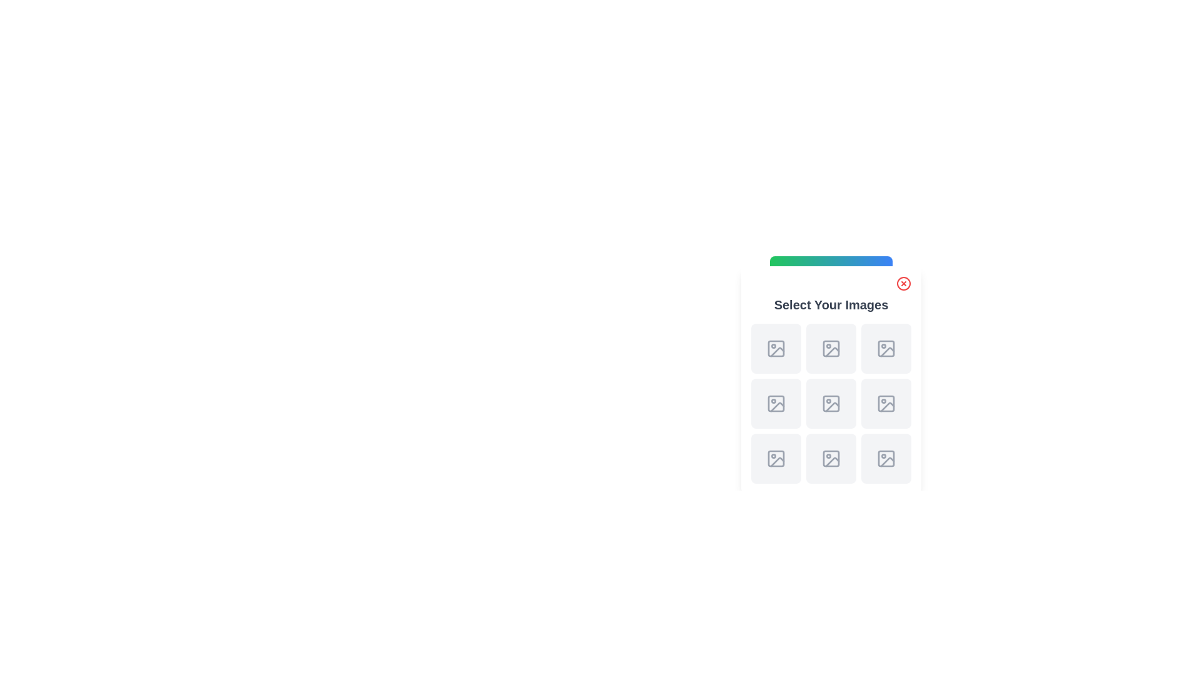  I want to click on the graphical placeholder icon in the bottom-right cell of the 3x3 grid labeled 'Select Your Images', so click(776, 458).